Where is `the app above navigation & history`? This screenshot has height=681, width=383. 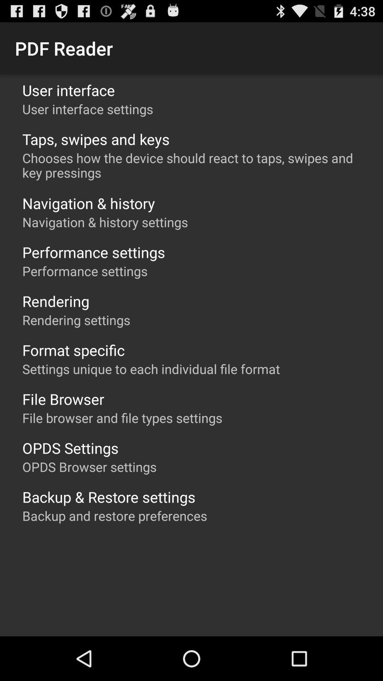 the app above navigation & history is located at coordinates (195, 165).